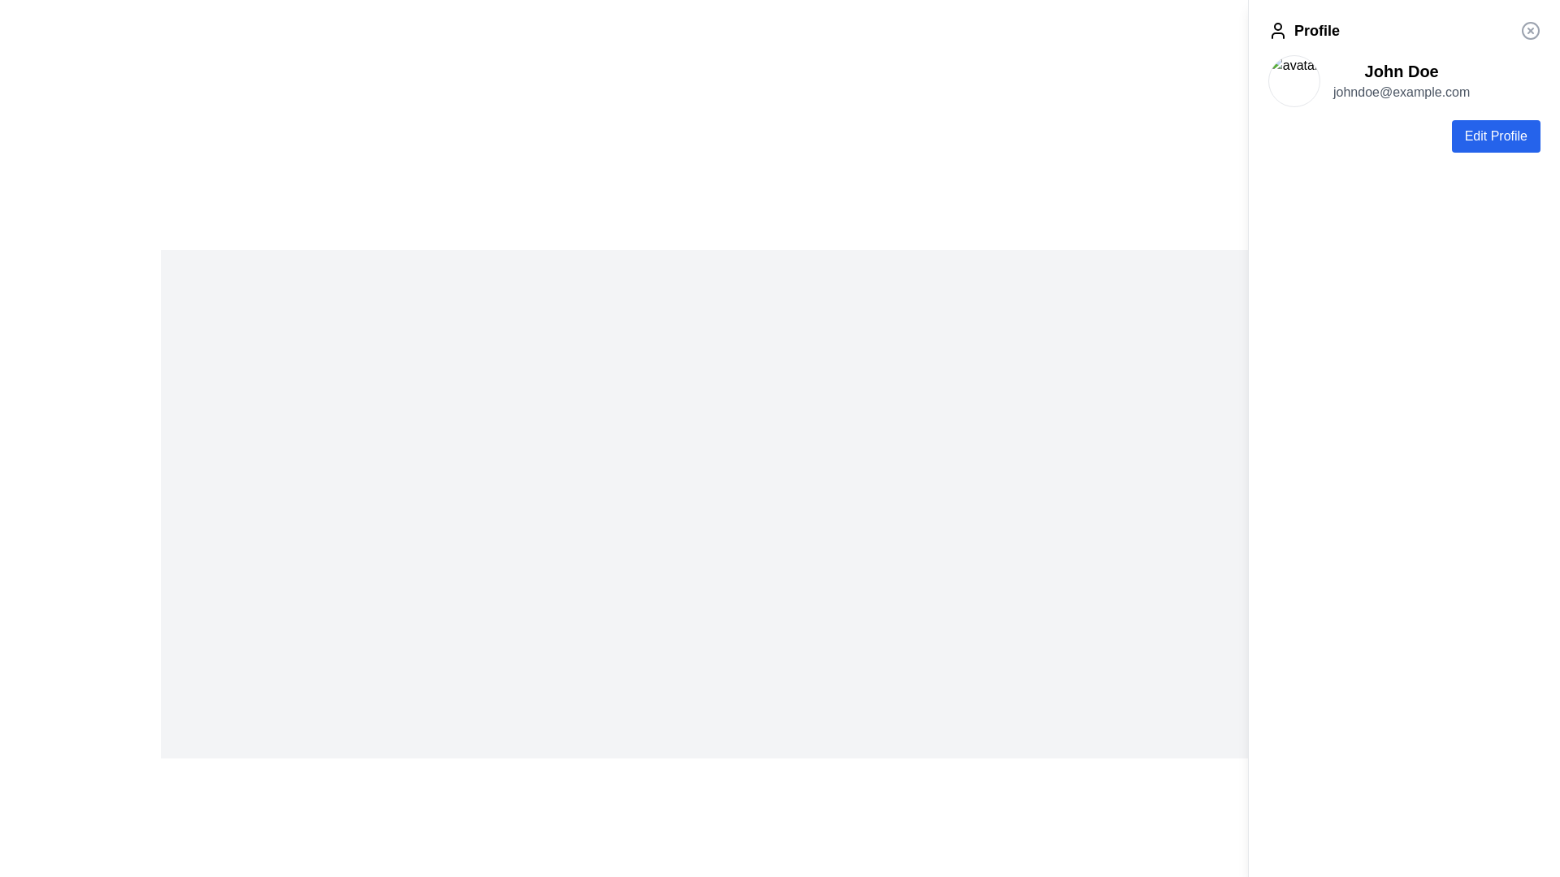 The image size is (1560, 877). What do you see at coordinates (1401, 81) in the screenshot?
I see `the text block displaying user information, which includes the user's name and email, located in the top-right section of the interface` at bounding box center [1401, 81].